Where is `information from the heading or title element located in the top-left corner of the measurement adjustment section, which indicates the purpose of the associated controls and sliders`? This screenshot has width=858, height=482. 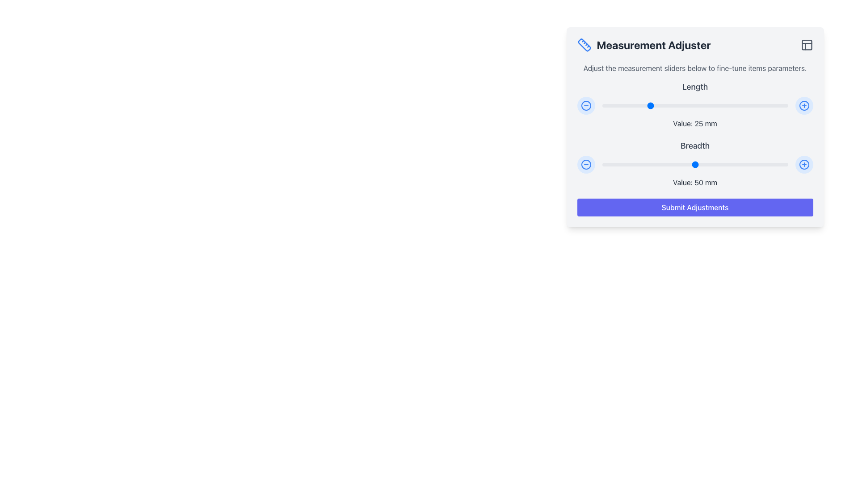 information from the heading or title element located in the top-left corner of the measurement adjustment section, which indicates the purpose of the associated controls and sliders is located at coordinates (643, 45).